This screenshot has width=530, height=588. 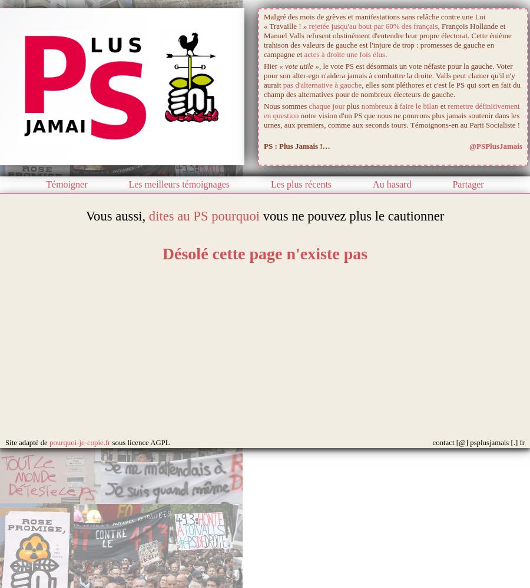 I want to click on 'pourquoi-je-copie.fr', so click(x=48, y=443).